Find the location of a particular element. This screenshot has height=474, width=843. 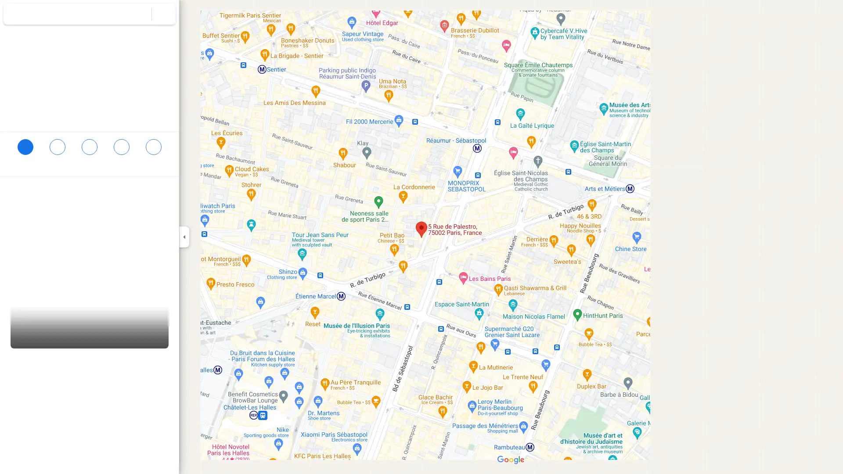

Search nearby 5 Rue de Palestro is located at coordinates (89, 150).